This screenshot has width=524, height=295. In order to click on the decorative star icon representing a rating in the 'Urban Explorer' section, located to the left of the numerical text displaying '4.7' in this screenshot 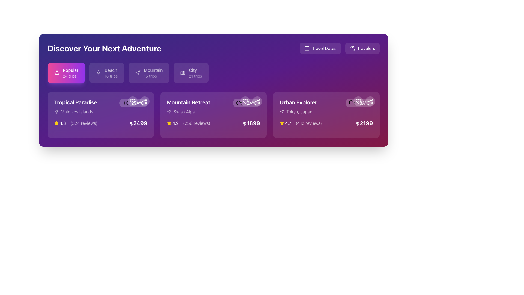, I will do `click(282, 123)`.